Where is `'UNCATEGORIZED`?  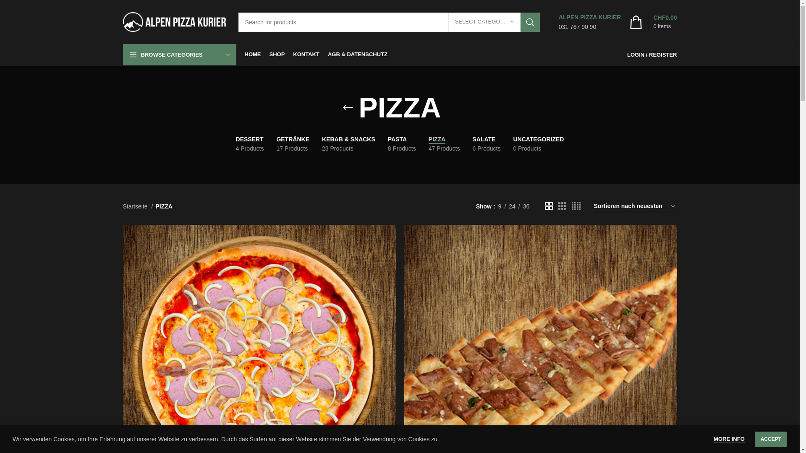 'UNCATEGORIZED is located at coordinates (538, 143).